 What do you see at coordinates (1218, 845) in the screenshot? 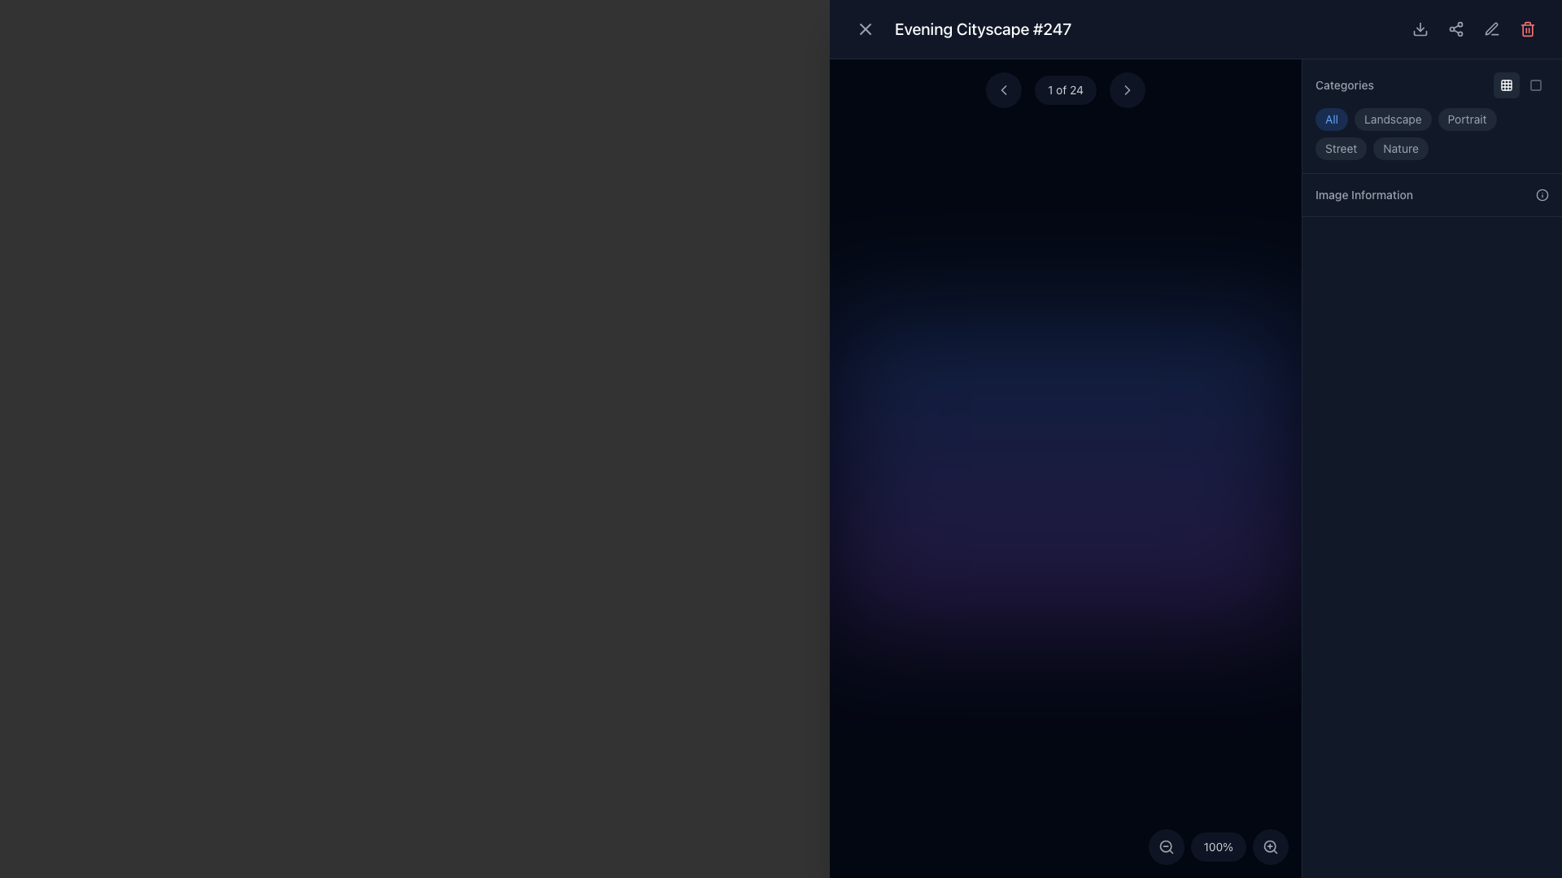
I see `the text display element that shows the current zoom level, located at the bottom-right corner of the interface, above the zoom controls and centrally positioned between two circular icons` at bounding box center [1218, 845].